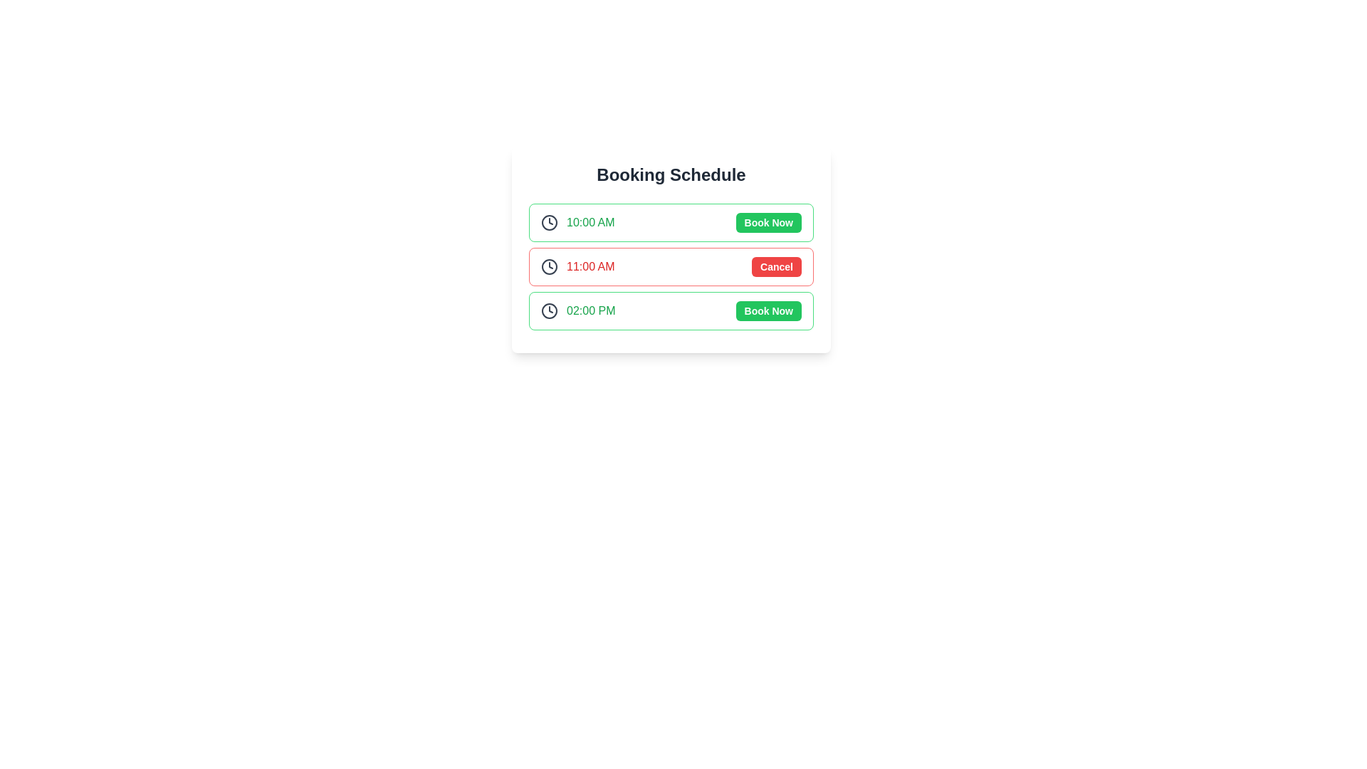 The width and height of the screenshot is (1367, 769). I want to click on the text label displaying the time '02:00 PM' in green font, which is part of the booking schedule interface, so click(591, 310).